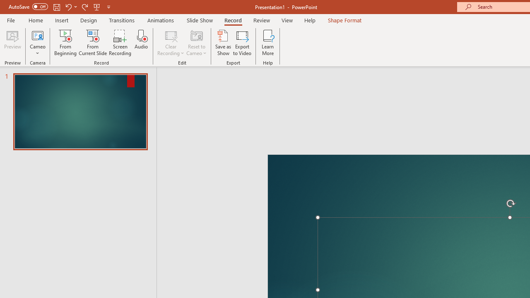  Describe the element at coordinates (120, 43) in the screenshot. I see `'Screen Recording'` at that location.